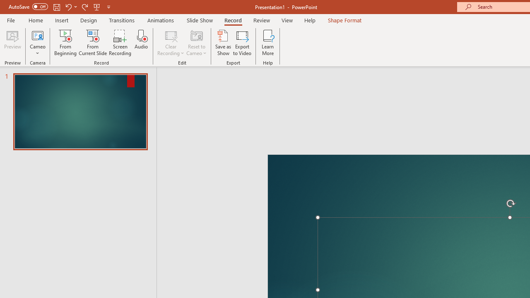  Describe the element at coordinates (120, 43) in the screenshot. I see `'Screen Recording'` at that location.